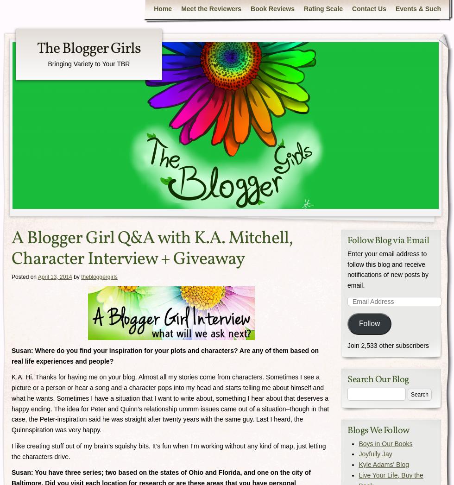  I want to click on 'Enter your email address to follow this blog and receive notifications of new posts by email.', so click(388, 269).